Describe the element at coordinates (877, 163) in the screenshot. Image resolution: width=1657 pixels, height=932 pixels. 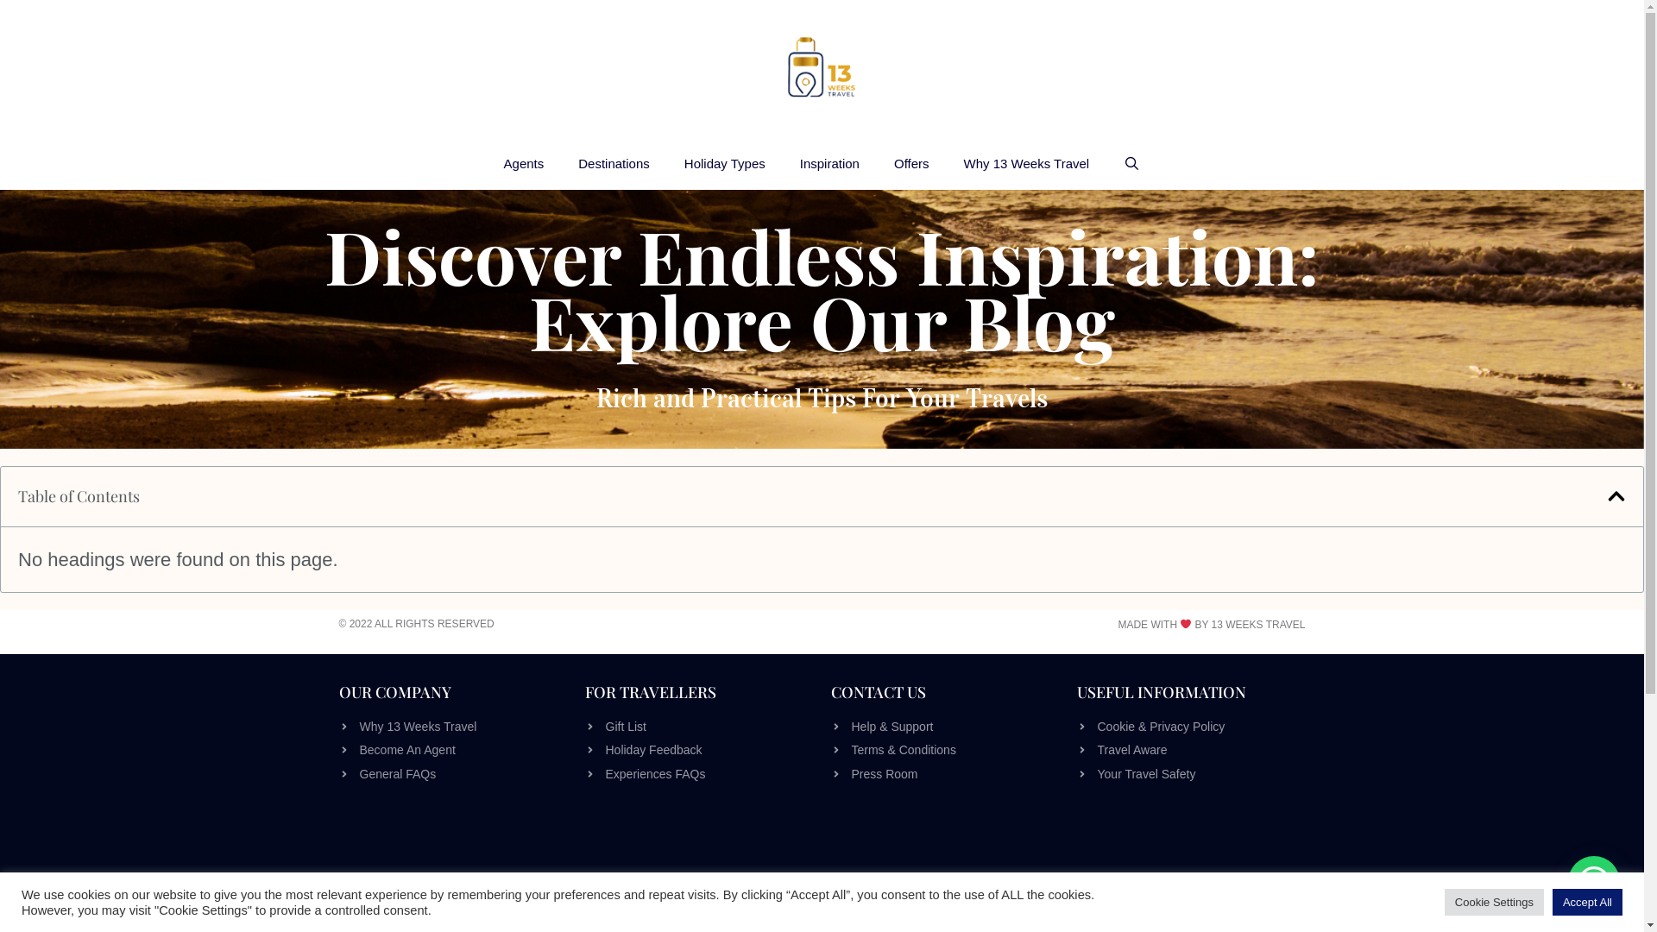
I see `'Offers'` at that location.